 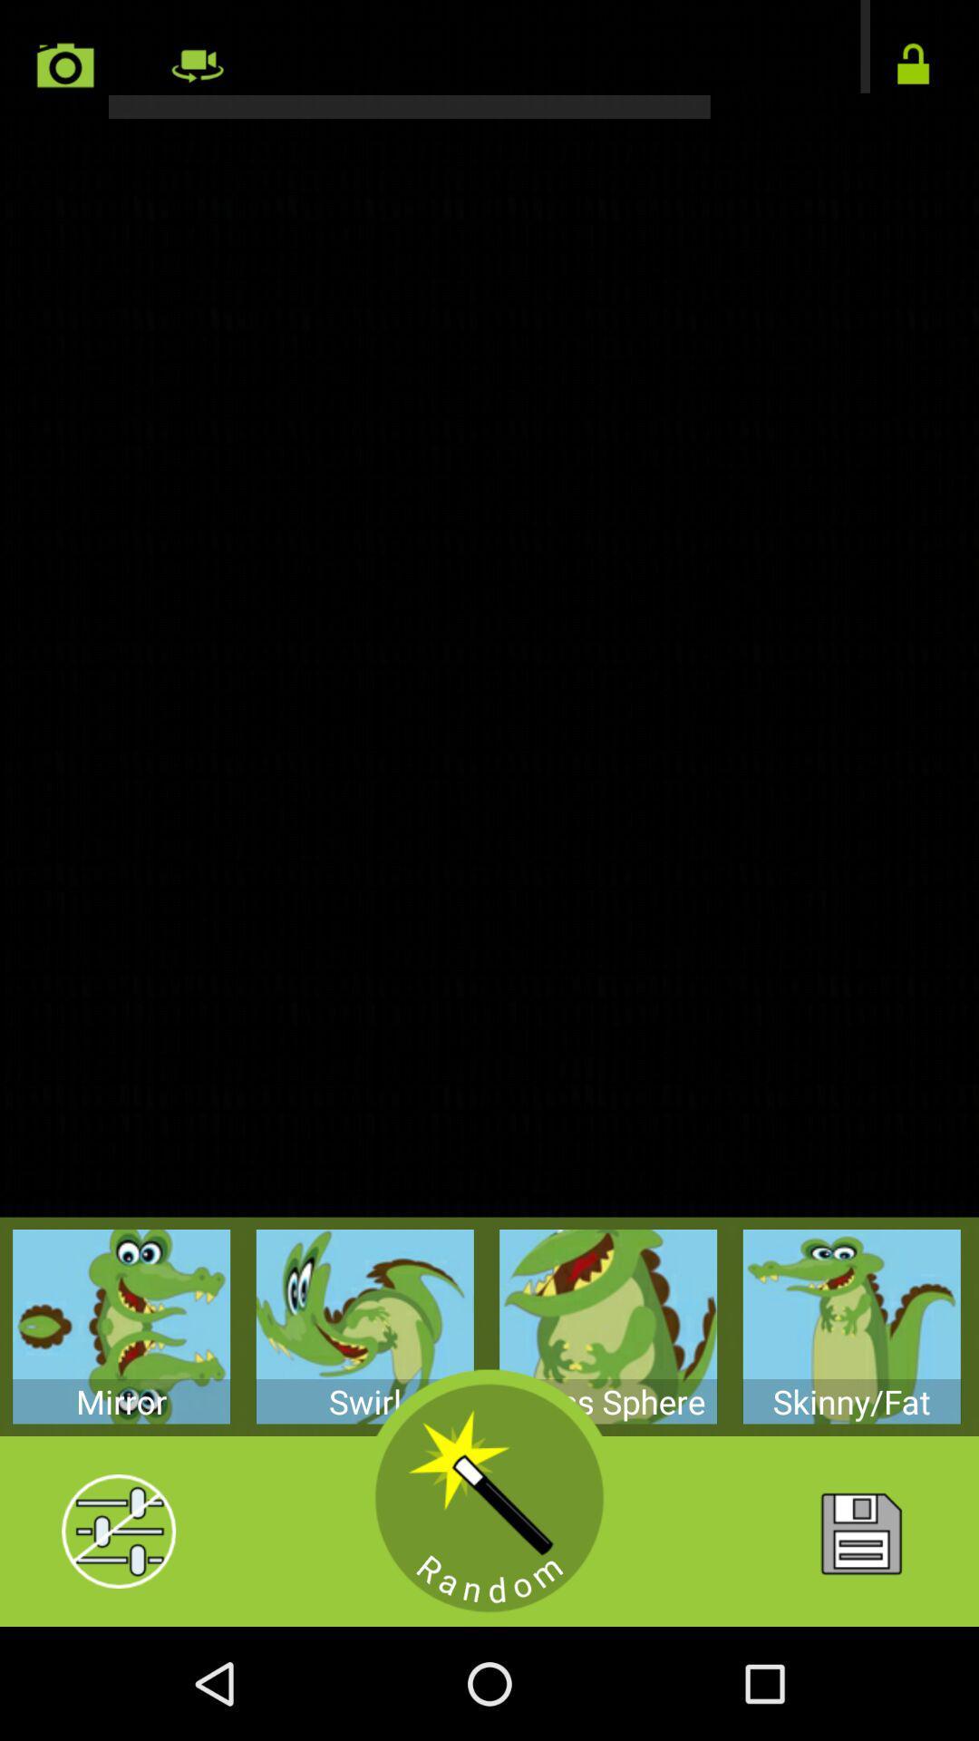 I want to click on the videocam icon, so click(x=197, y=70).